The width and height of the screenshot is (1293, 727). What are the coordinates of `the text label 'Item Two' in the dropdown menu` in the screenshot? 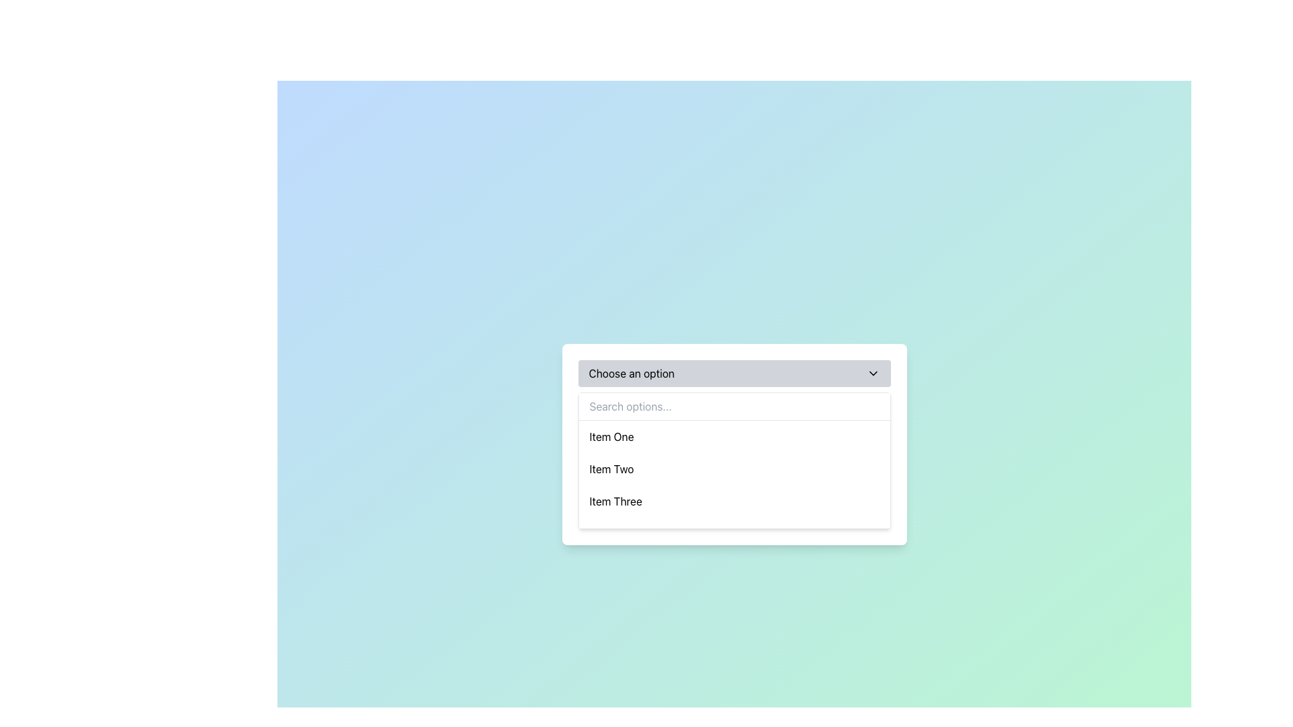 It's located at (610, 467).